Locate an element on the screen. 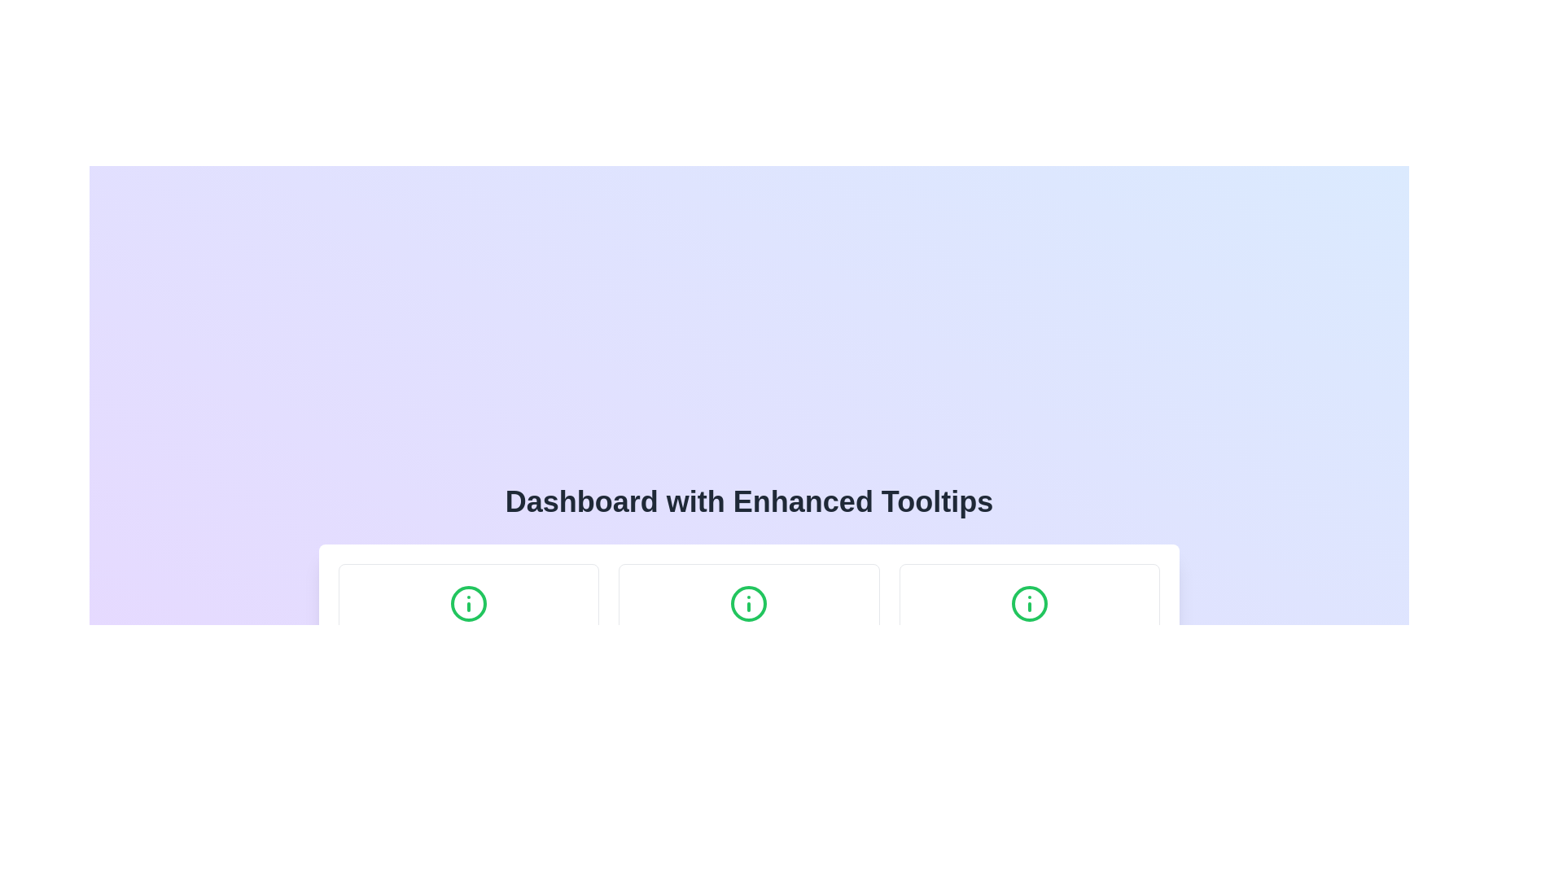 The image size is (1563, 879). the visual state of the informational icon representing the 'Help Center', which is centrally positioned at the top of the card-like structure is located at coordinates (1028, 603).